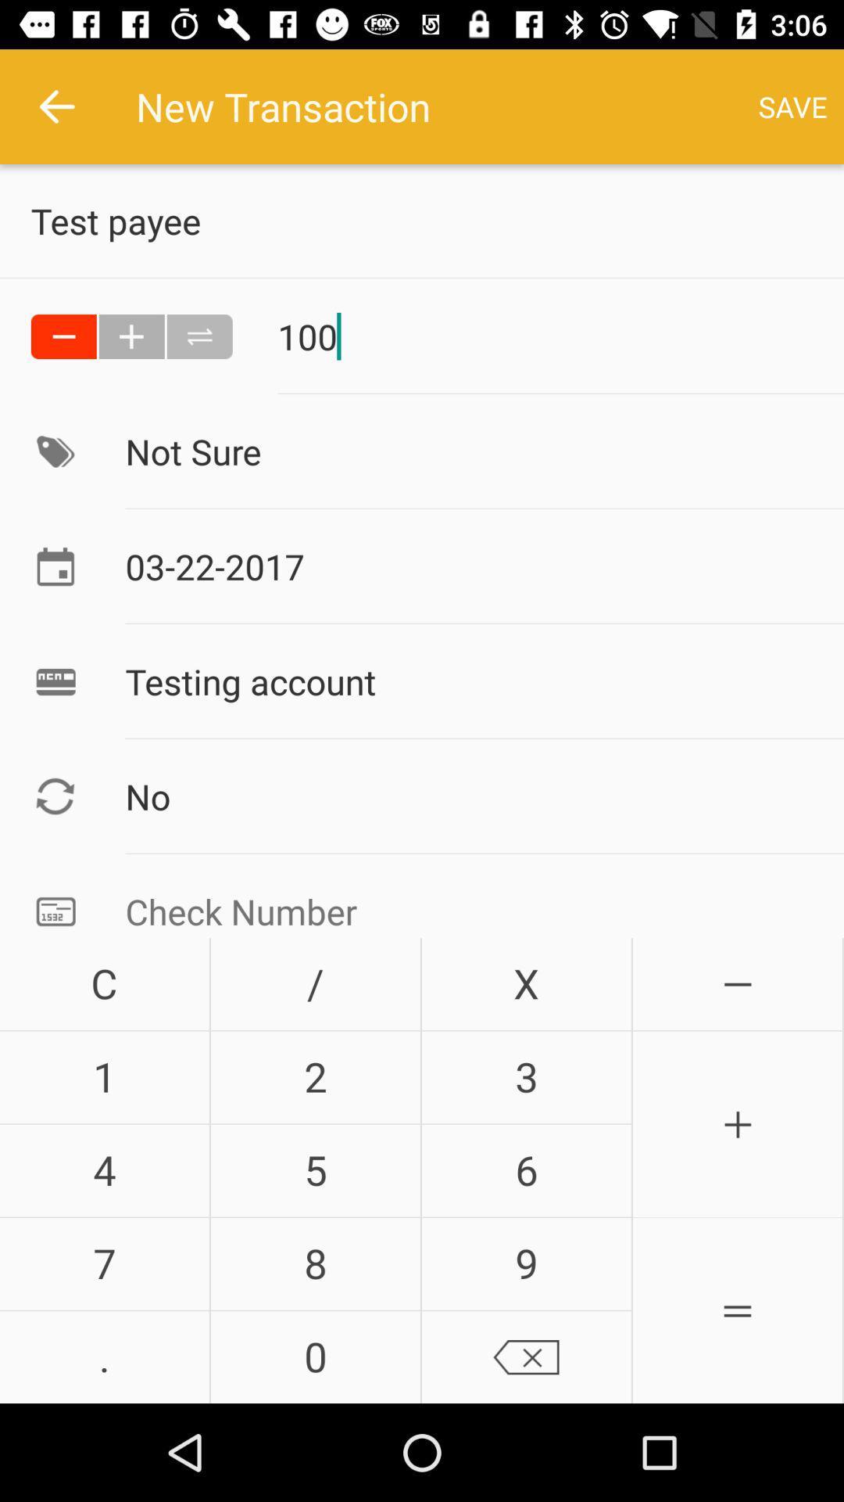 This screenshot has height=1502, width=844. I want to click on the text below new transaction, so click(437, 220).